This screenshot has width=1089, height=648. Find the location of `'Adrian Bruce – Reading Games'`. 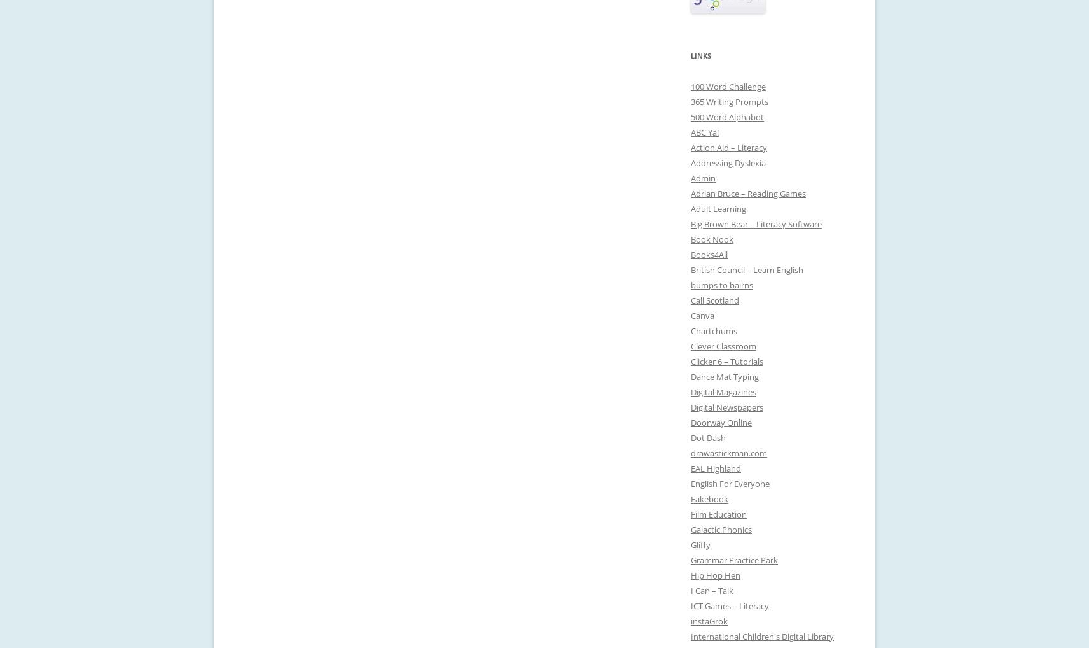

'Adrian Bruce – Reading Games' is located at coordinates (748, 193).